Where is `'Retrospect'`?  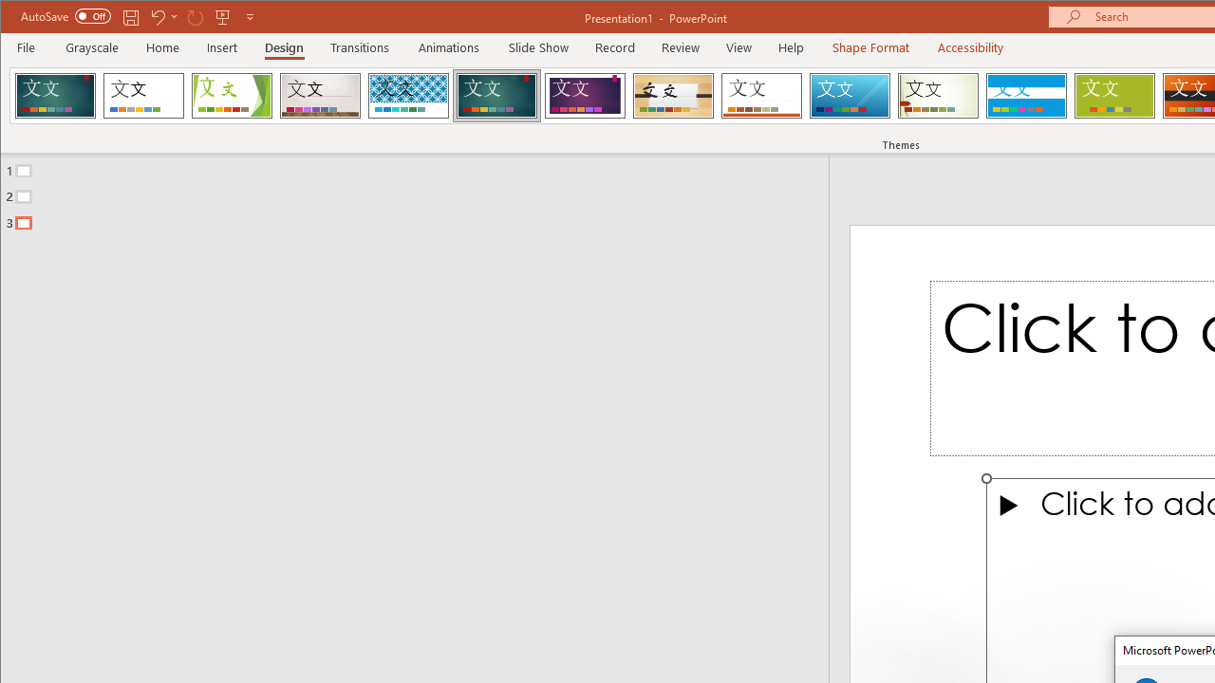 'Retrospect' is located at coordinates (761, 95).